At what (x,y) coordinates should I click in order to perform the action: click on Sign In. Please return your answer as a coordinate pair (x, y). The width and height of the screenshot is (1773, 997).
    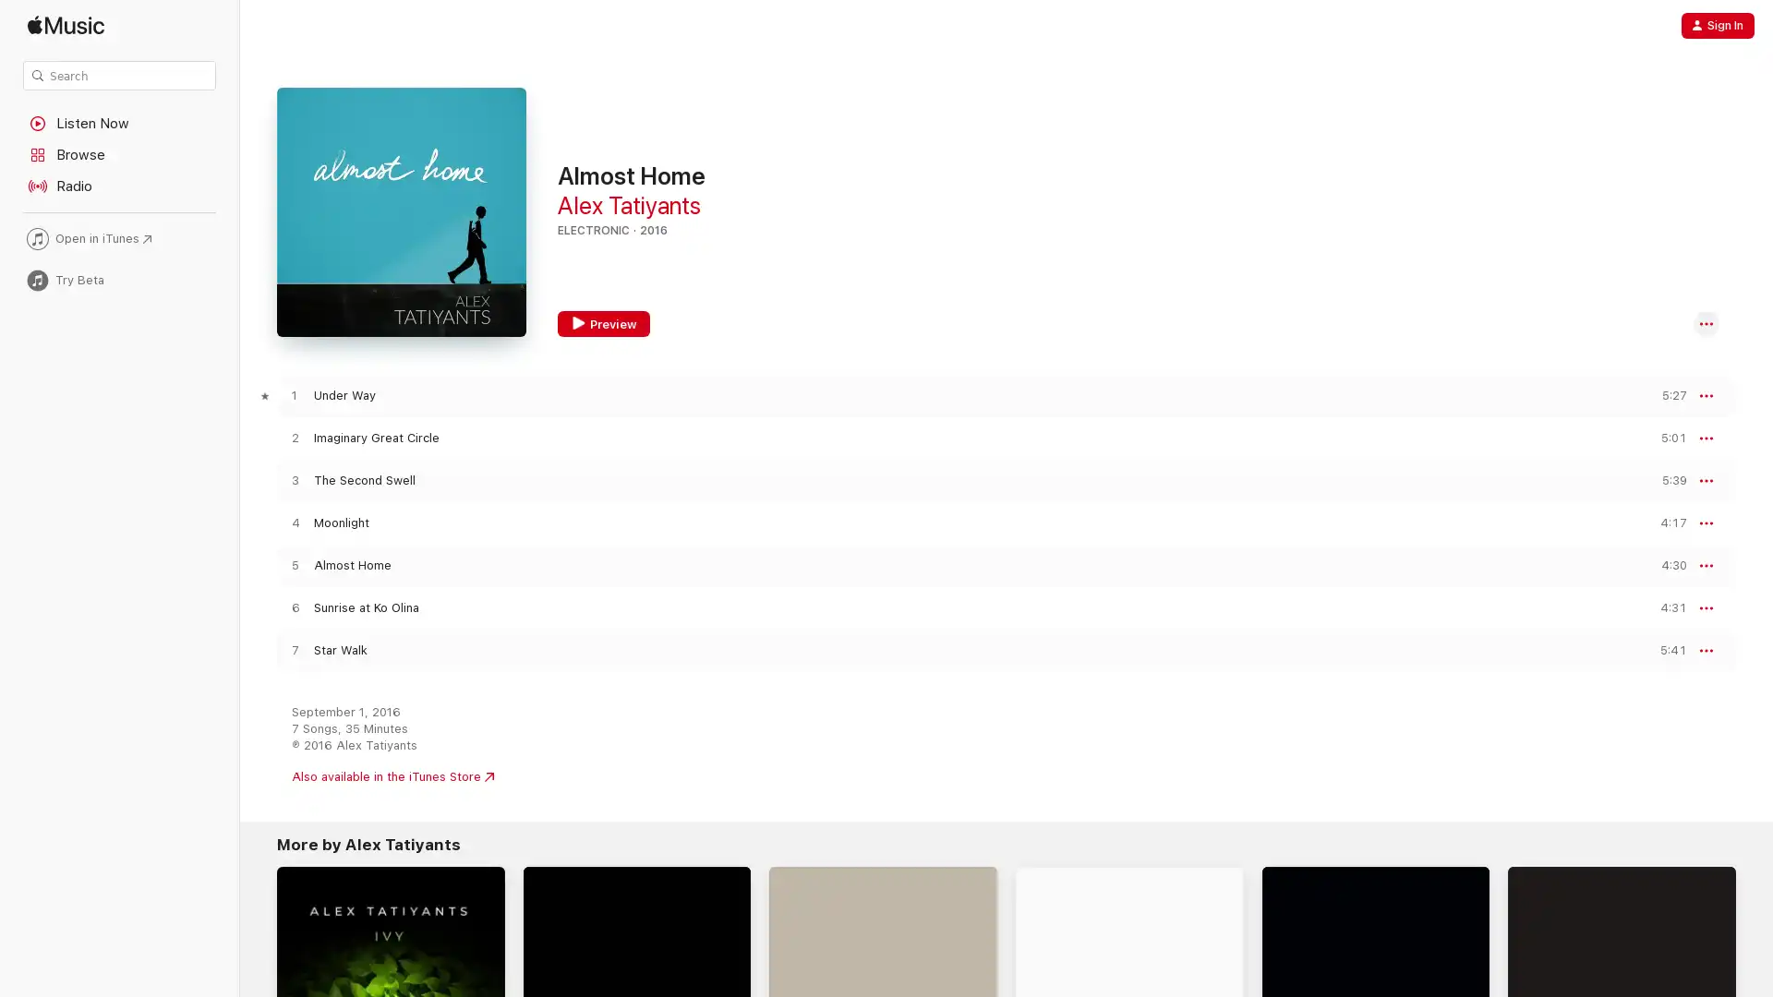
    Looking at the image, I should click on (1717, 25).